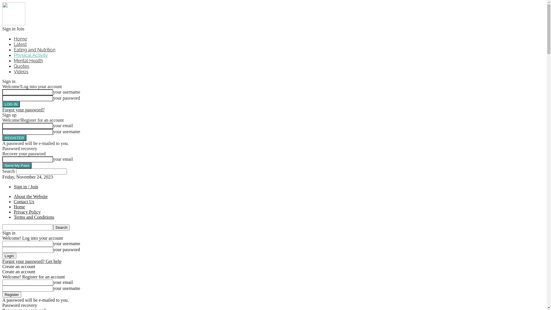 The height and width of the screenshot is (310, 551). Describe the element at coordinates (19, 207) in the screenshot. I see `'Home'` at that location.